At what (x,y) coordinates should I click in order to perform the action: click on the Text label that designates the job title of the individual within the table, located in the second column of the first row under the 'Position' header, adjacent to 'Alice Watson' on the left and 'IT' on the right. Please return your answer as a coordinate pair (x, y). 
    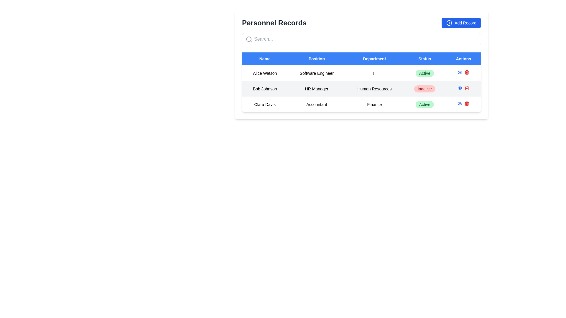
    Looking at the image, I should click on (316, 73).